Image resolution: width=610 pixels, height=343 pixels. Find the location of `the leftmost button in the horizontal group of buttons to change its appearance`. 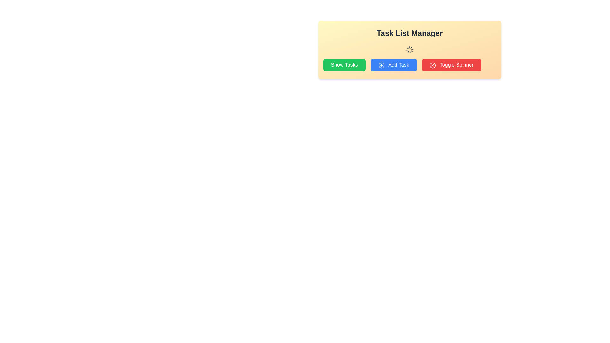

the leftmost button in the horizontal group of buttons to change its appearance is located at coordinates (344, 65).